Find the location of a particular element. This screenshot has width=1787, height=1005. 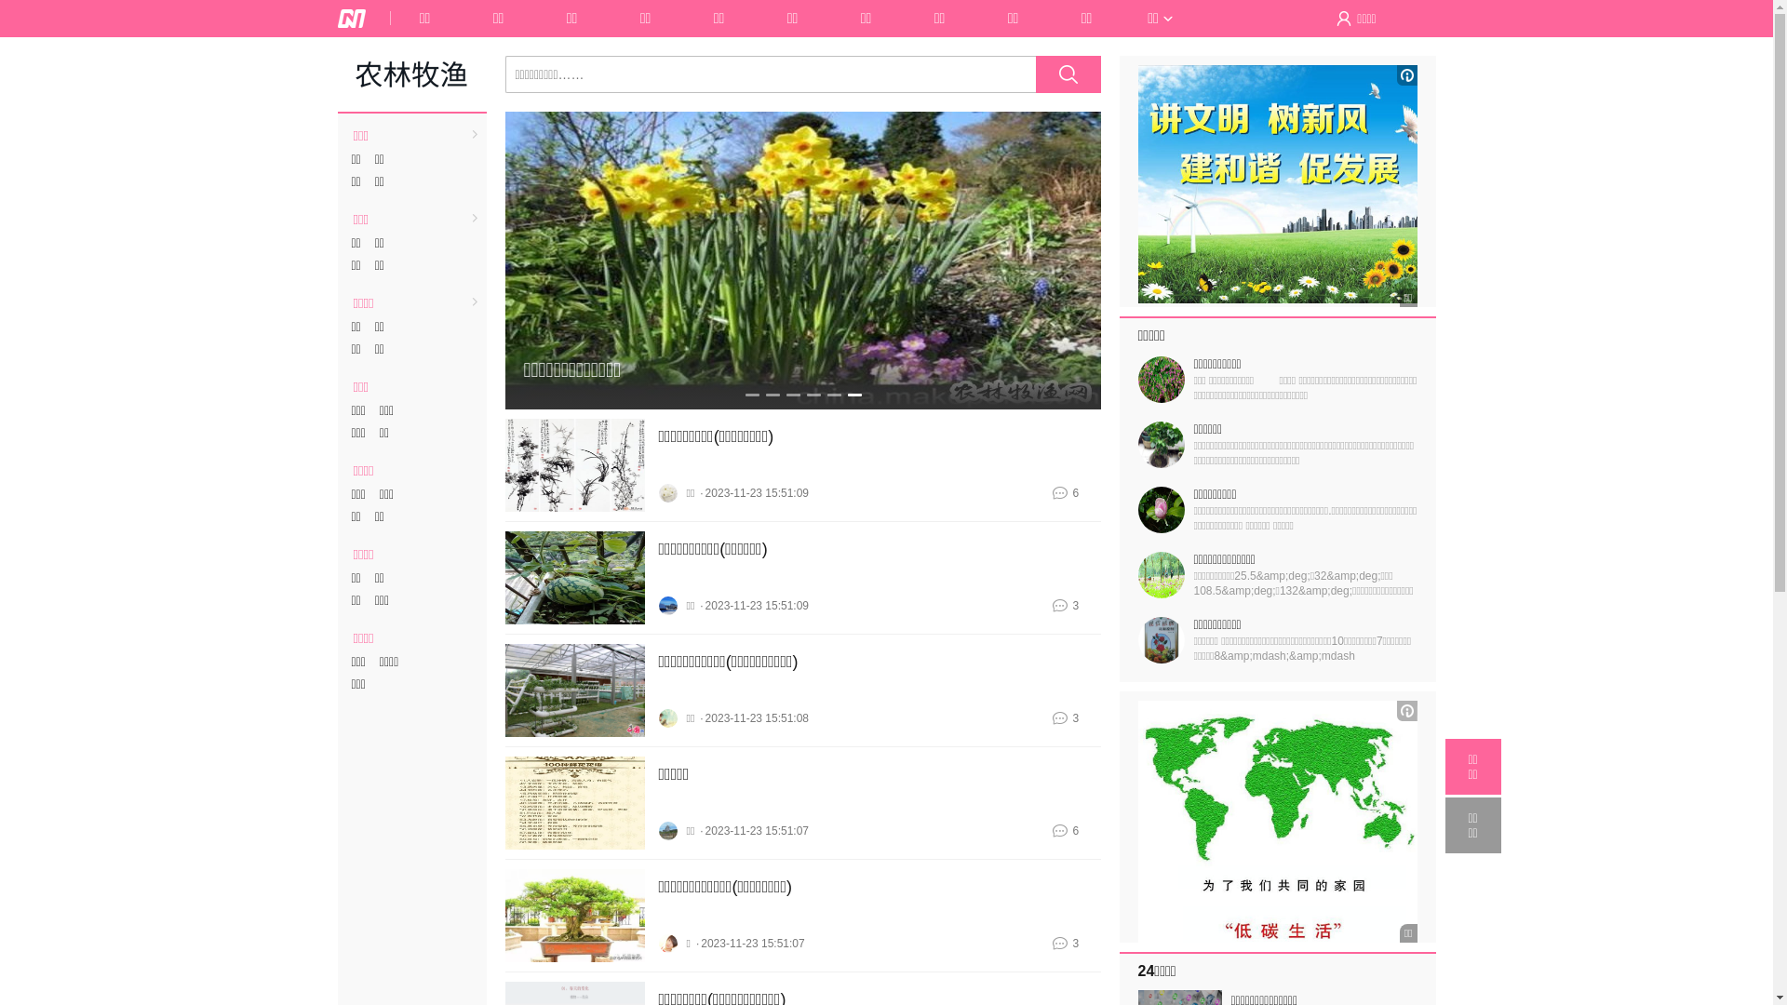

'6' is located at coordinates (1076, 491).